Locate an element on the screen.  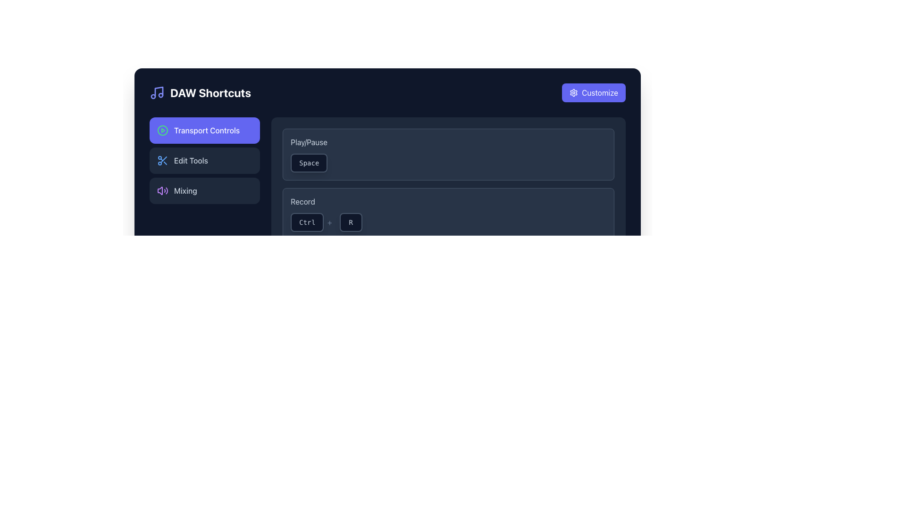
the gear icon located in the top-right corner of the interface, immediately to the left of the text 'Customize' is located at coordinates (573, 92).